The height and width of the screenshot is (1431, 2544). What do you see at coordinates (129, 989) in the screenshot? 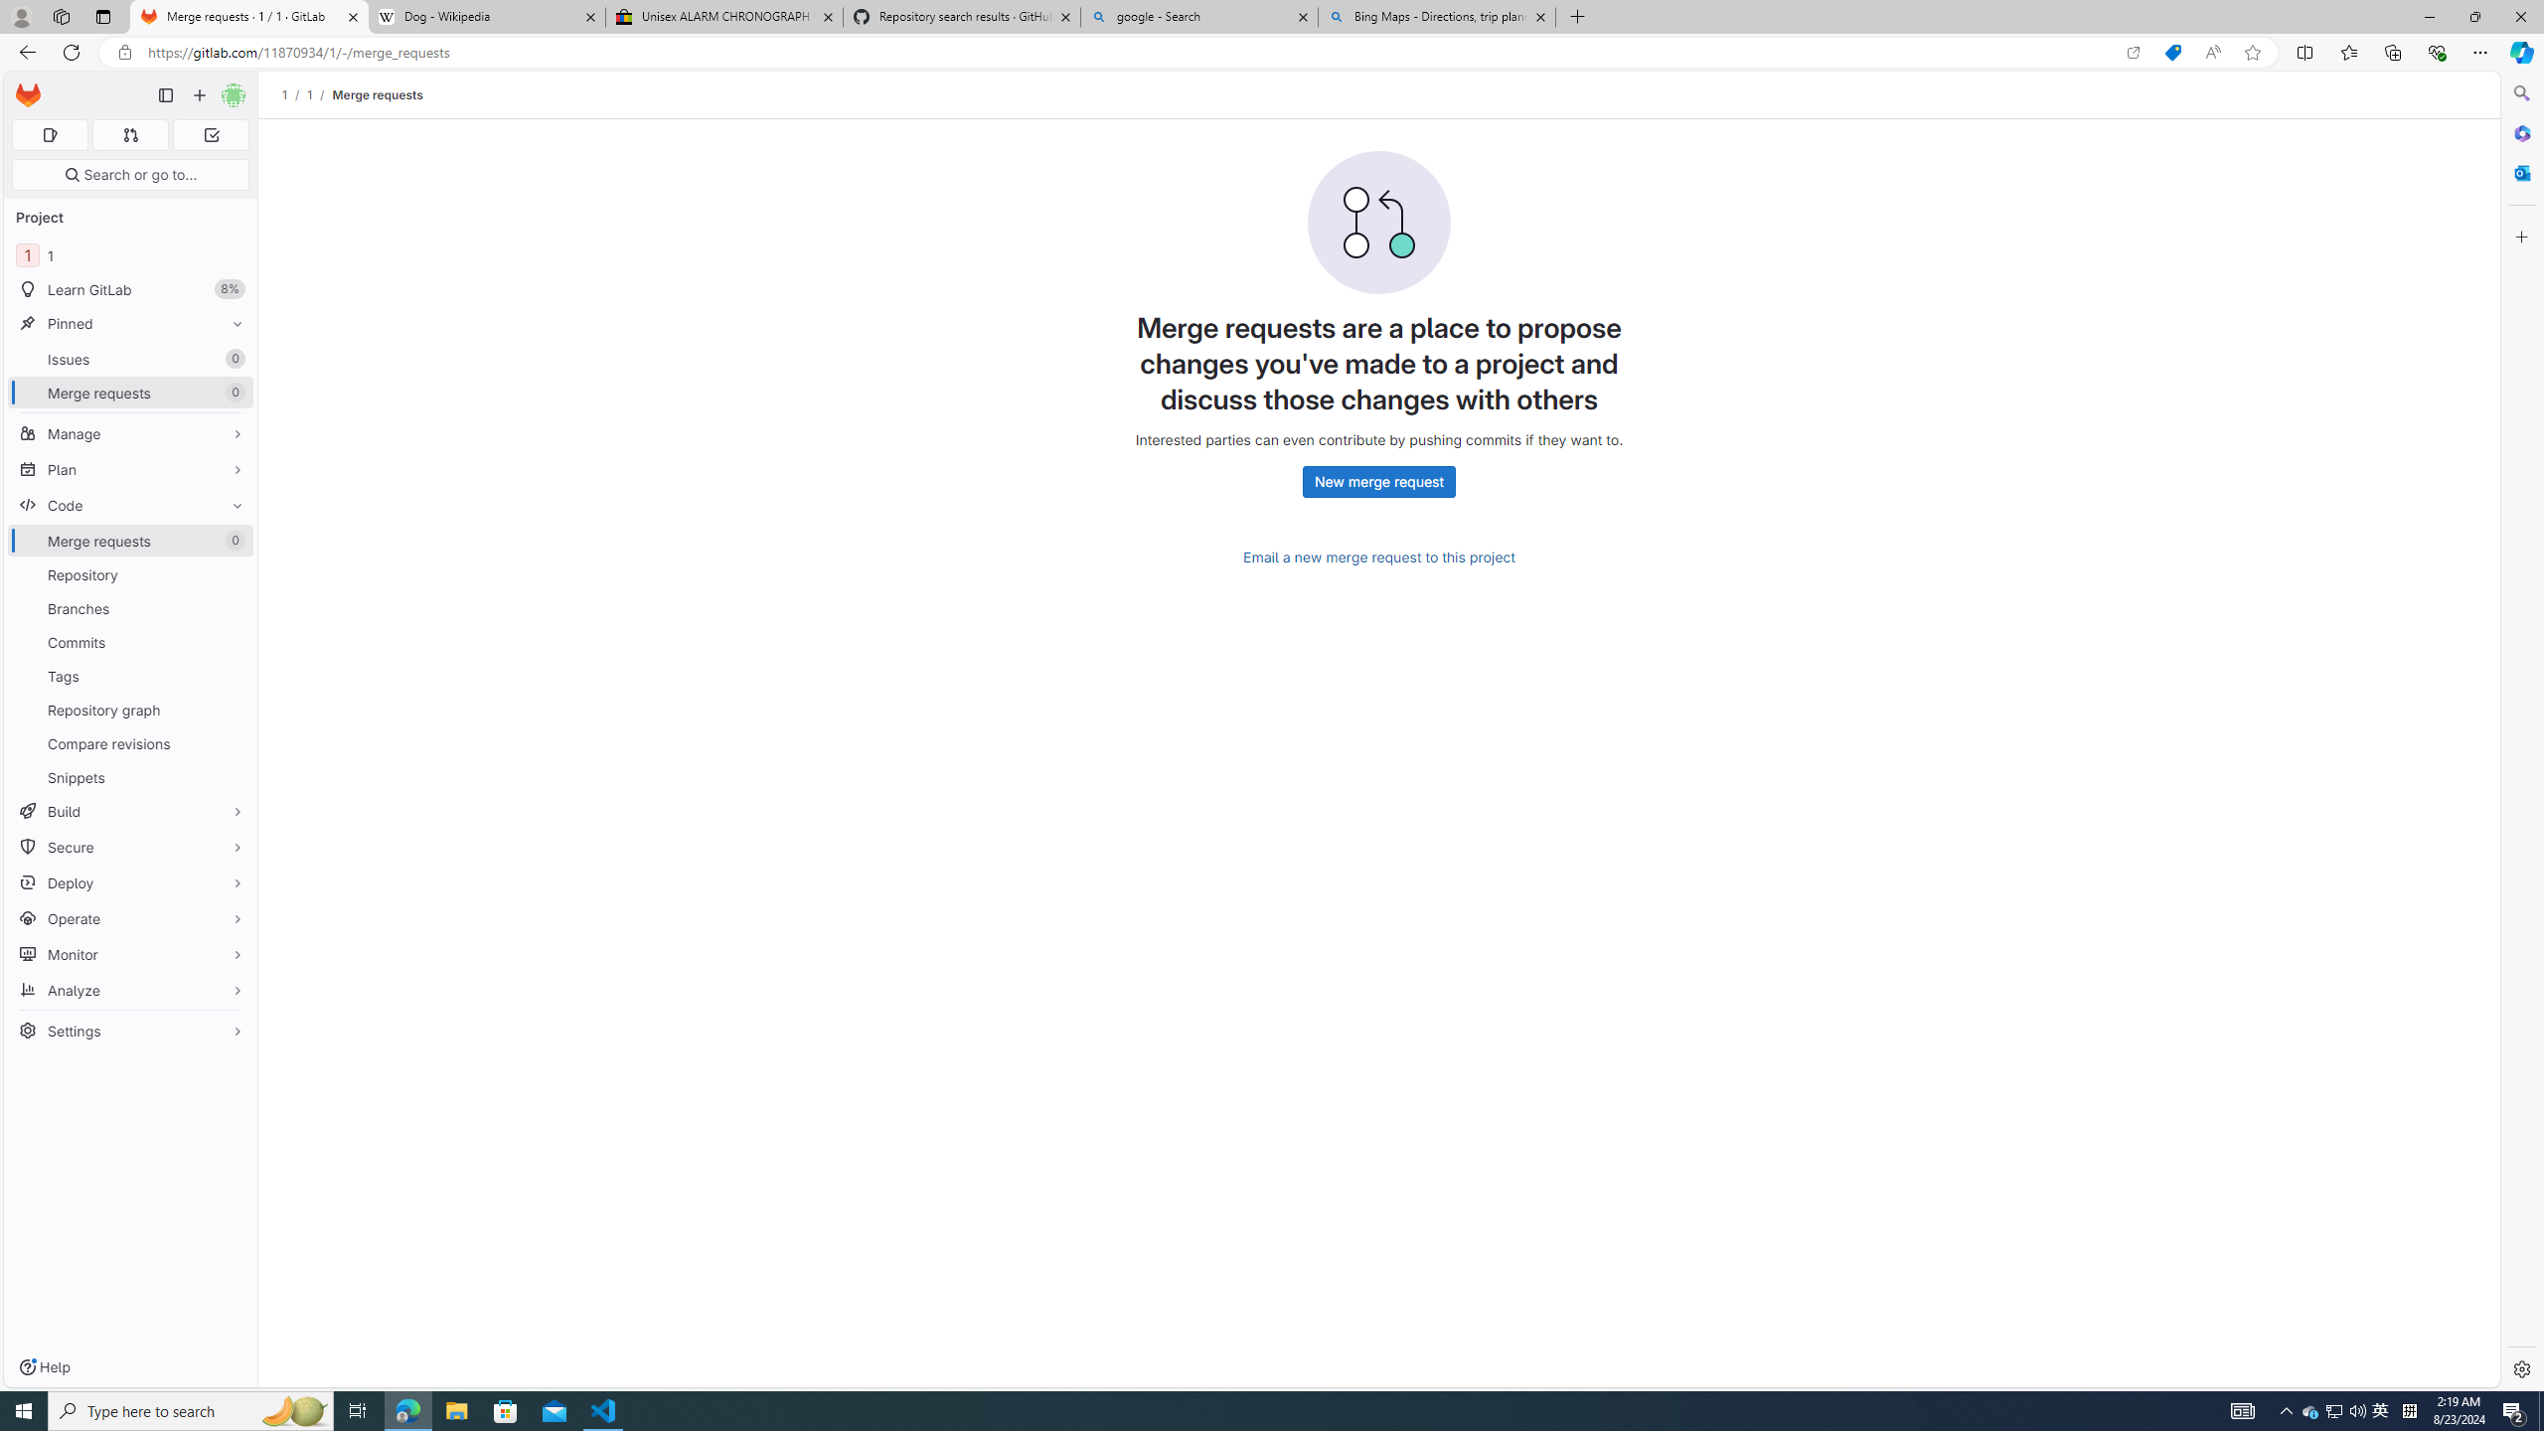
I see `'Analyze'` at bounding box center [129, 989].